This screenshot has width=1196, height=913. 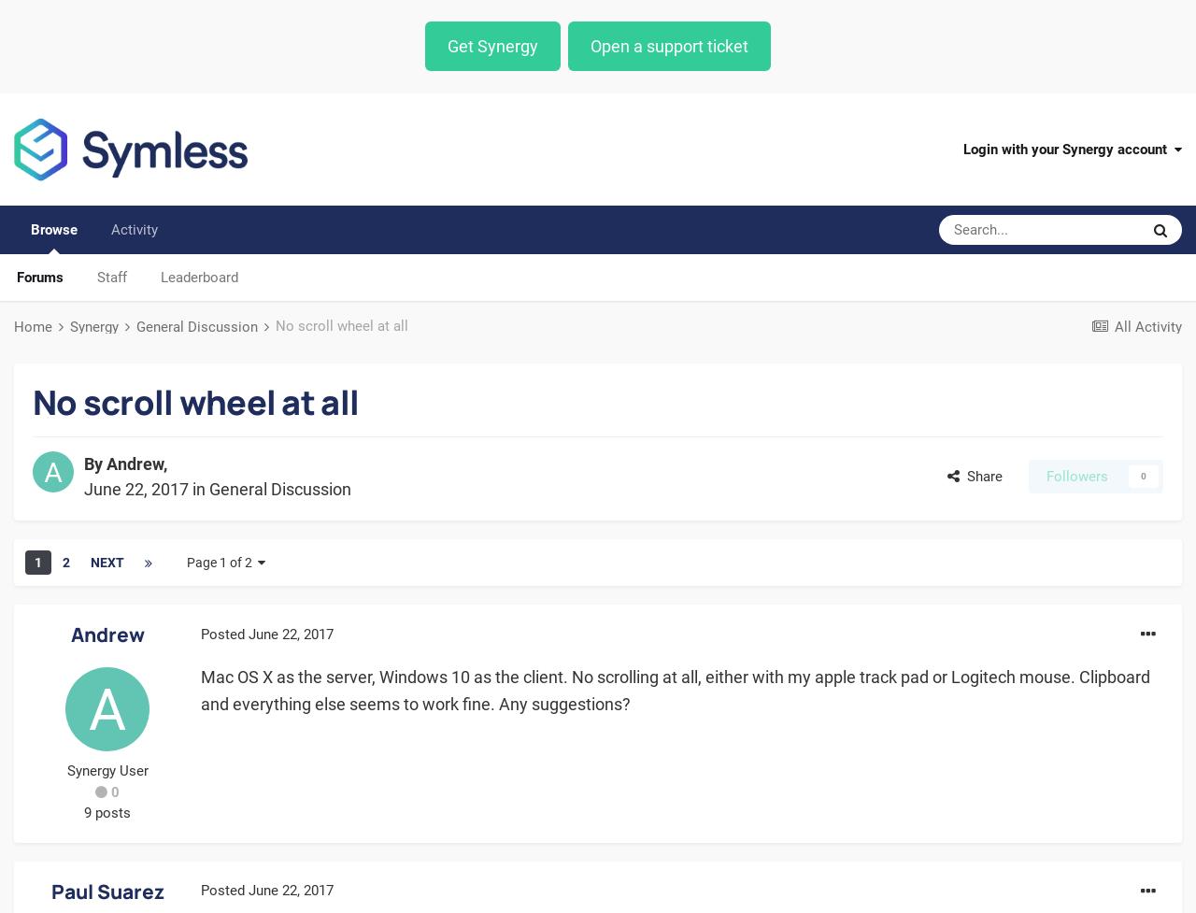 I want to click on '9 posts', so click(x=106, y=812).